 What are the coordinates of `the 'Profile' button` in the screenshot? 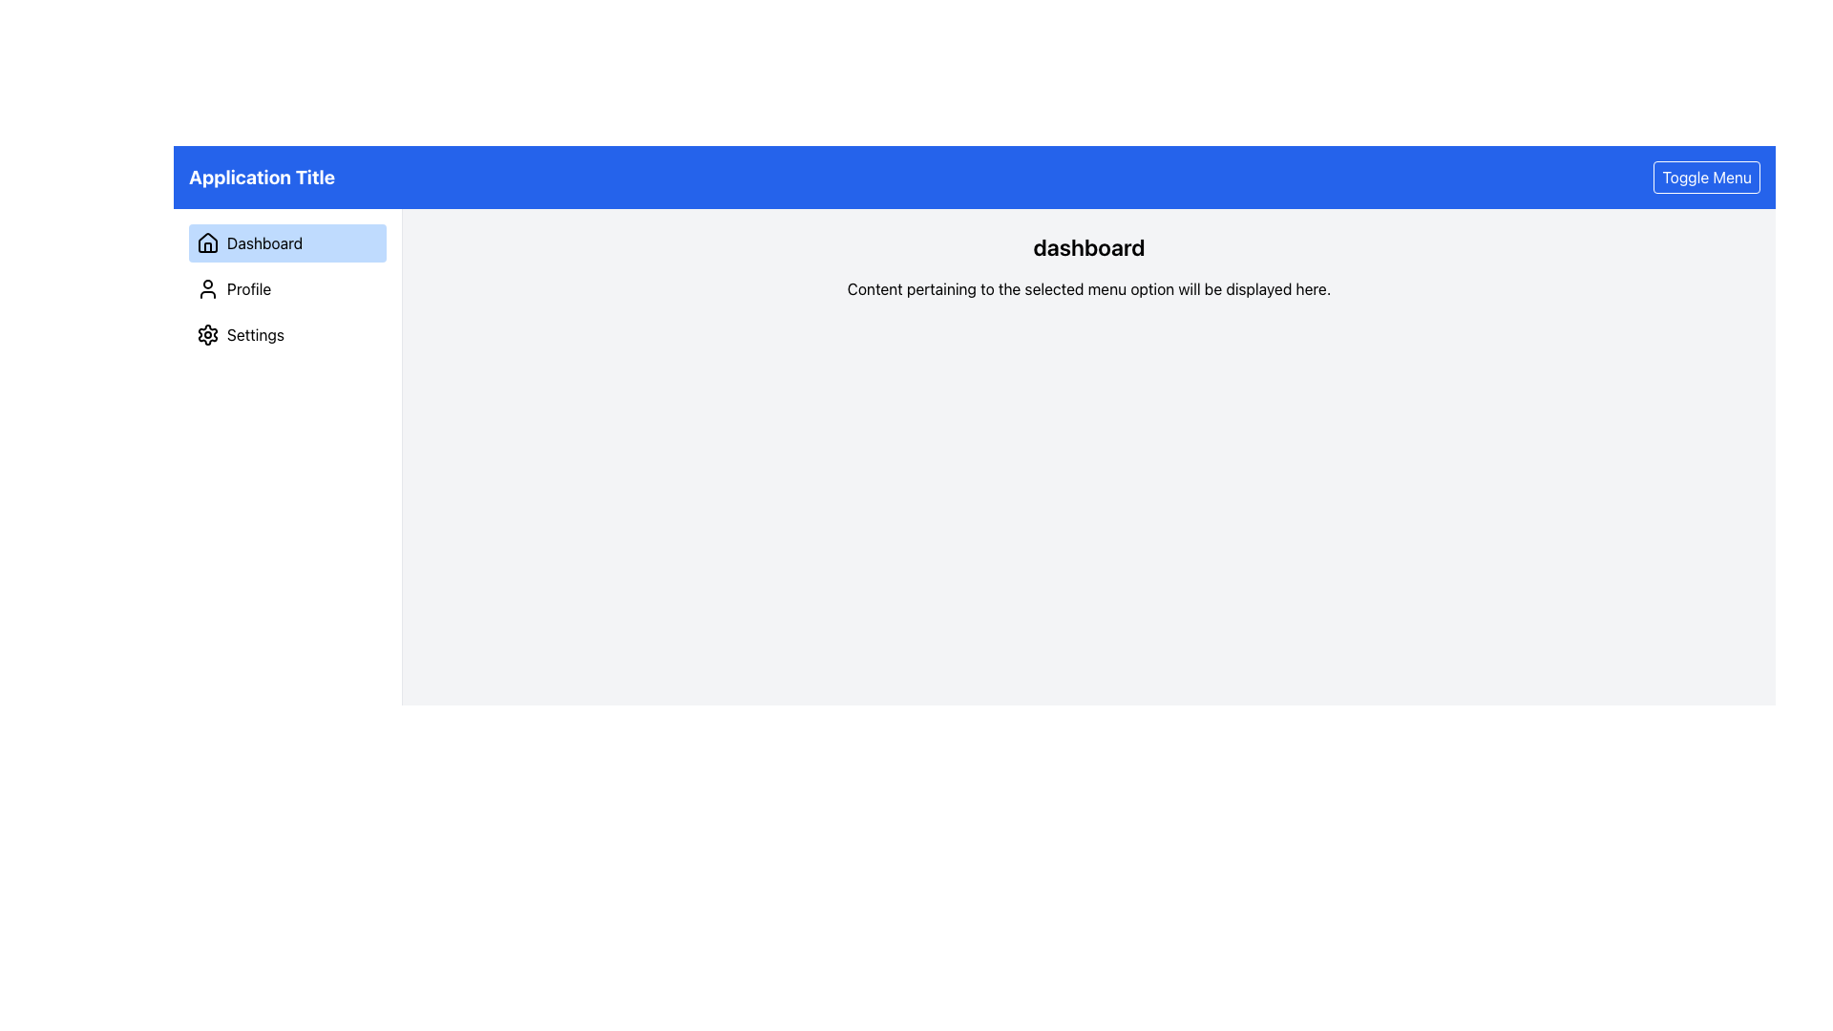 It's located at (286, 289).